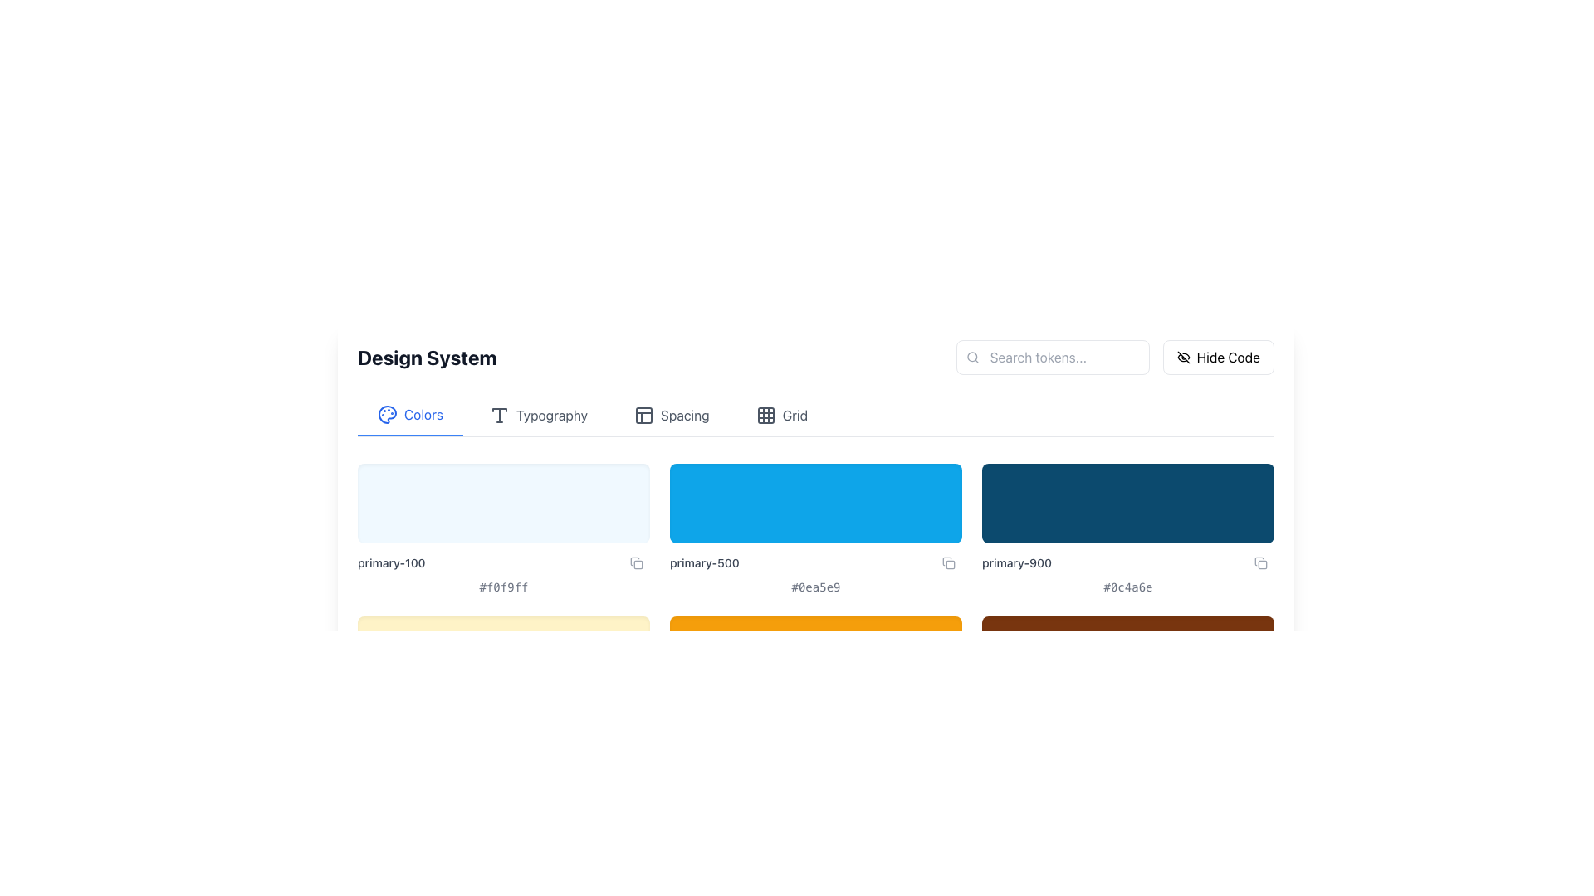 The width and height of the screenshot is (1594, 896). What do you see at coordinates (1052, 357) in the screenshot?
I see `the text input field located near the top-right corner of the layout, to the left of the 'Hide Code' button` at bounding box center [1052, 357].